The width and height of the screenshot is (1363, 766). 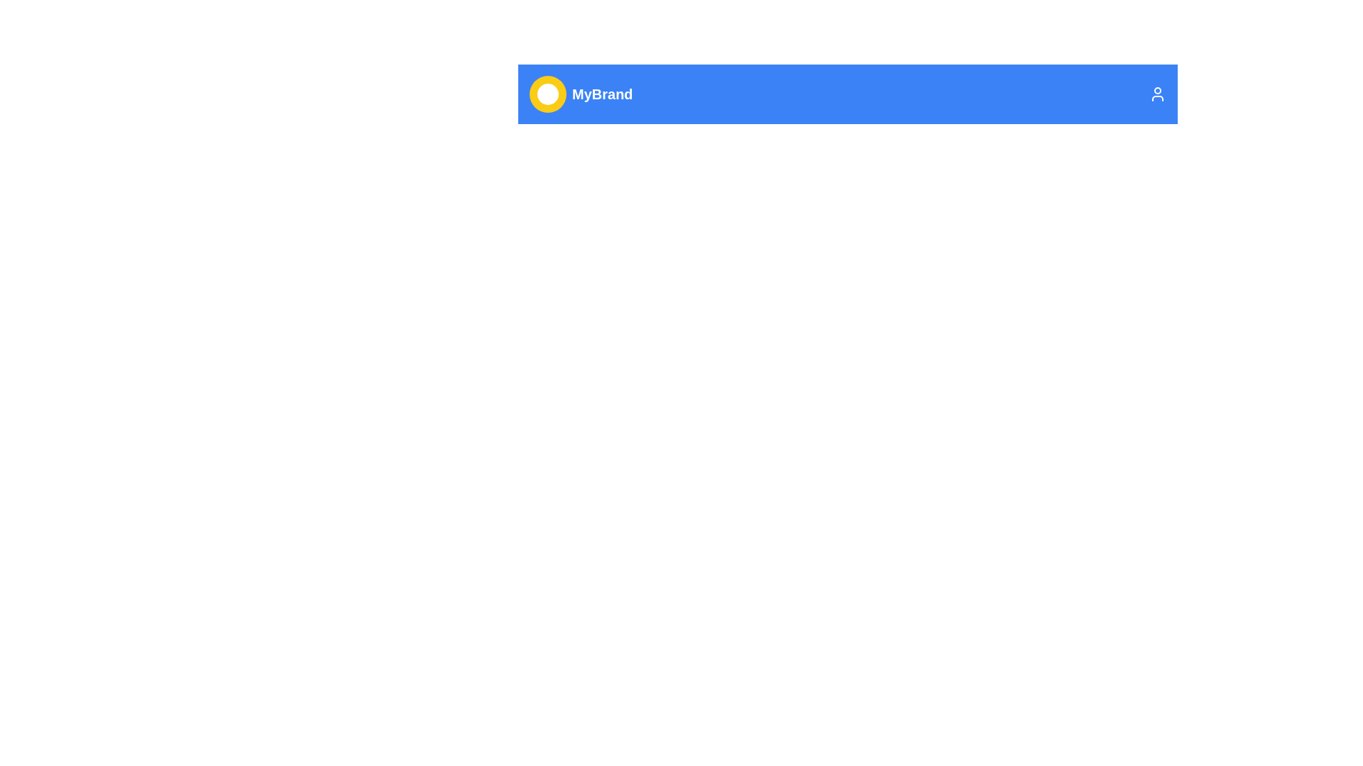 What do you see at coordinates (547, 94) in the screenshot?
I see `the circular yellow icon with a white center, located to the left of the 'MyBrand' text in the header-like blue background` at bounding box center [547, 94].